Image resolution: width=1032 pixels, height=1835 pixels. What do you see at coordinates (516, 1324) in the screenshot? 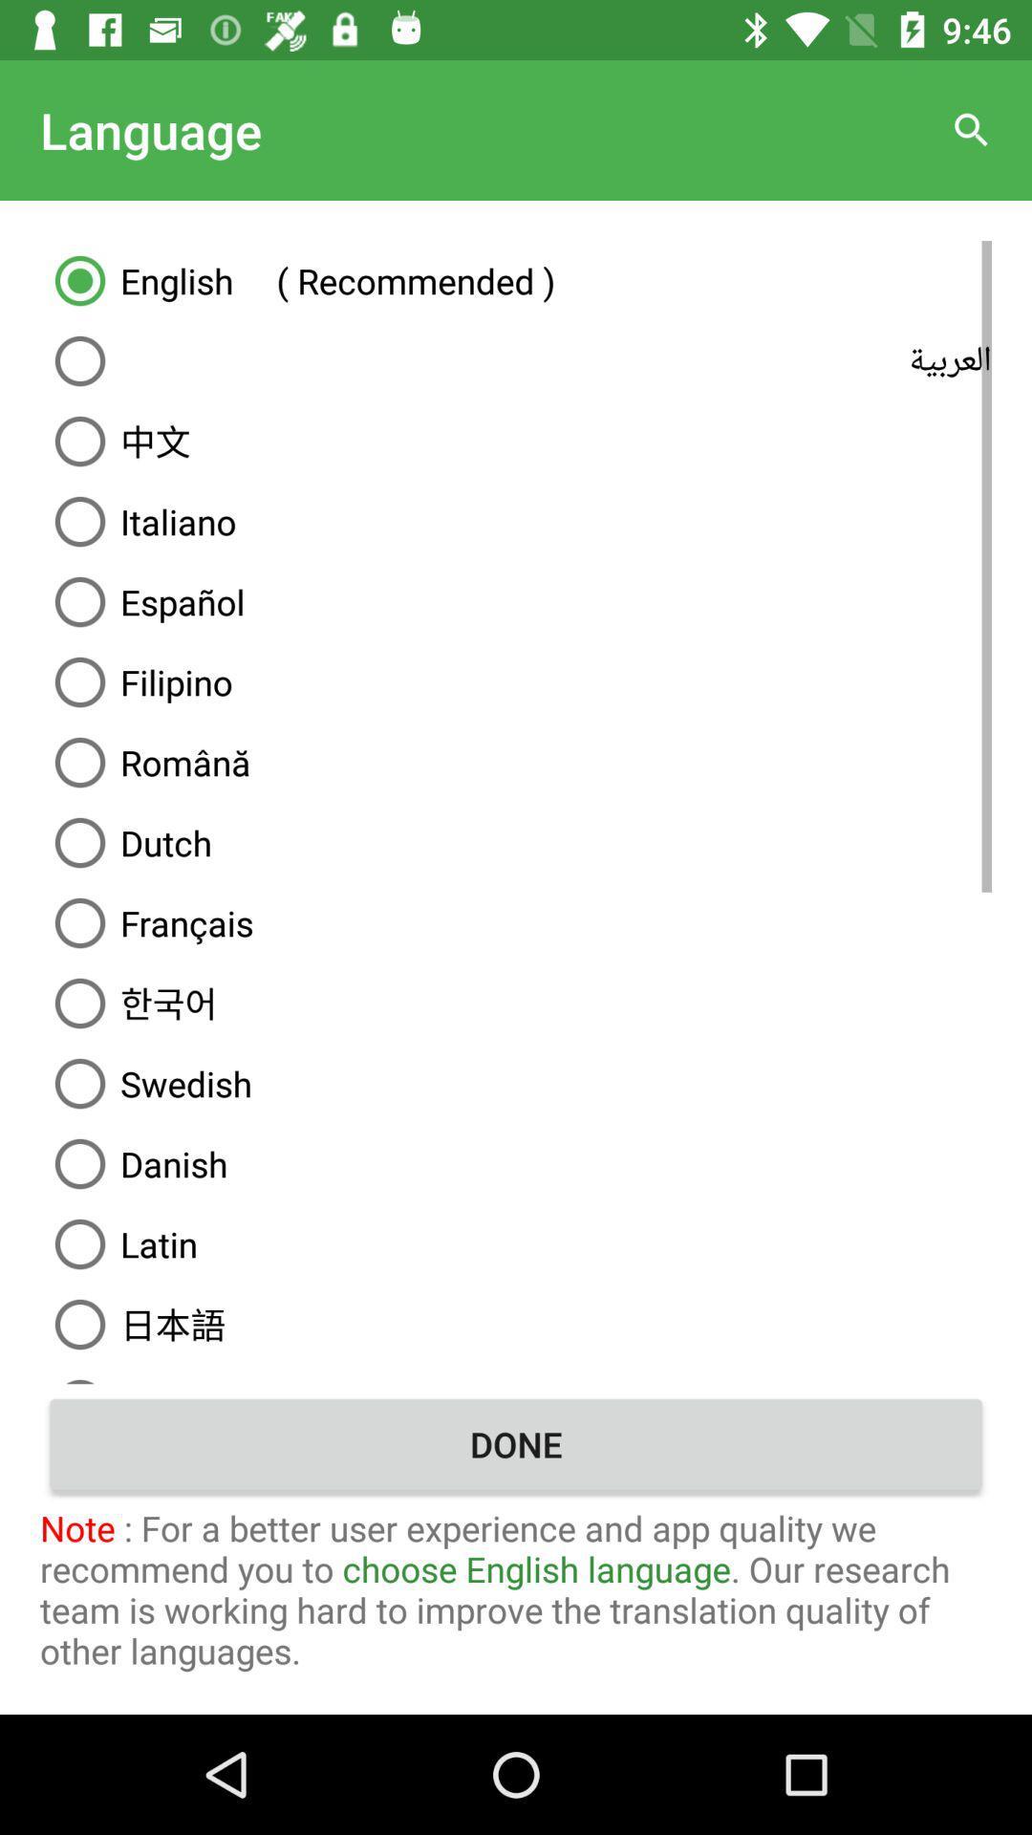
I see `the item below the latin icon` at bounding box center [516, 1324].